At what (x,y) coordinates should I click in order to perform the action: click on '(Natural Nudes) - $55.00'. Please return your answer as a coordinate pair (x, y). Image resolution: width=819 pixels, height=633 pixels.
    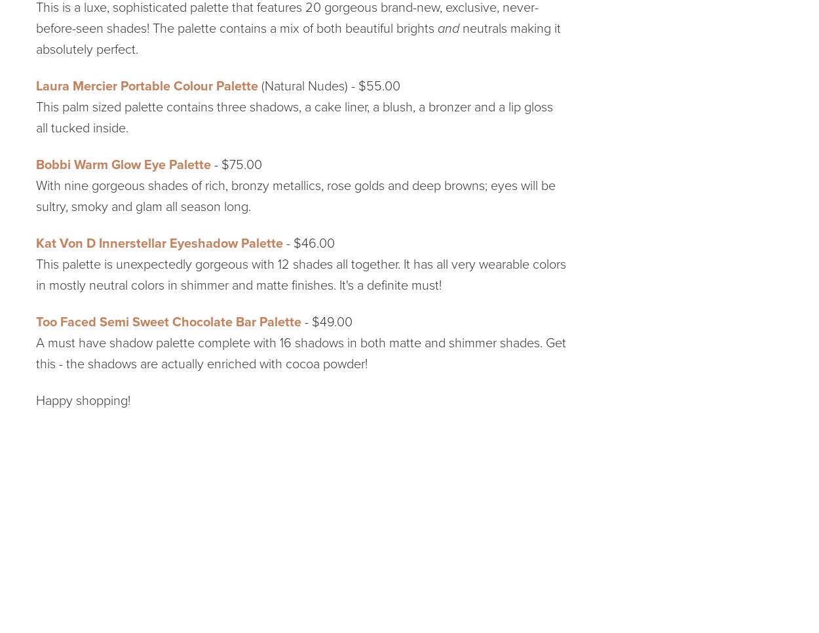
    Looking at the image, I should click on (329, 85).